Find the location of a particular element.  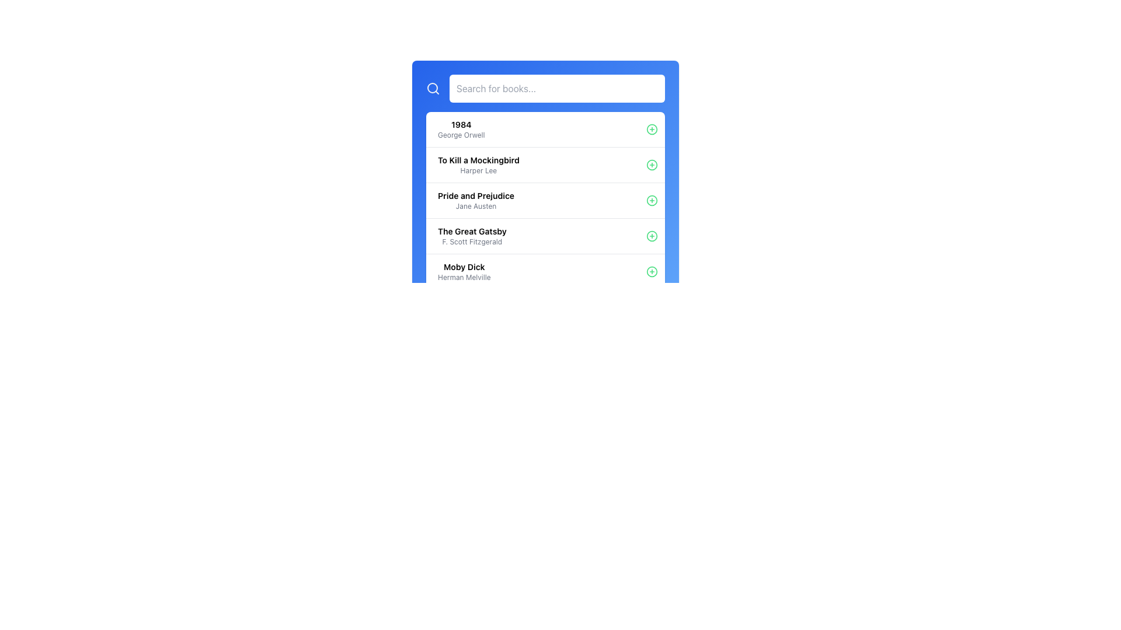

the button located on the right side of the line displaying the book title 'Pride and Prejudice' and the author 'Jane Austen' is located at coordinates (652, 199).